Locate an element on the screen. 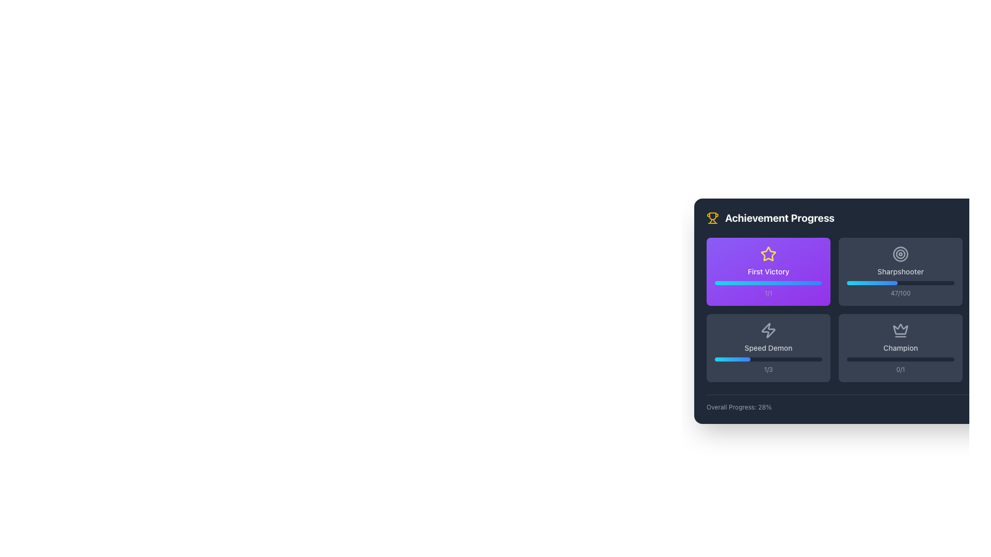 The height and width of the screenshot is (557, 991). the filled portion of the Progress bar segment under the 'Speed Demon' label within the 'Achievement Progress' card, which represents the completion status visually is located at coordinates (732, 359).